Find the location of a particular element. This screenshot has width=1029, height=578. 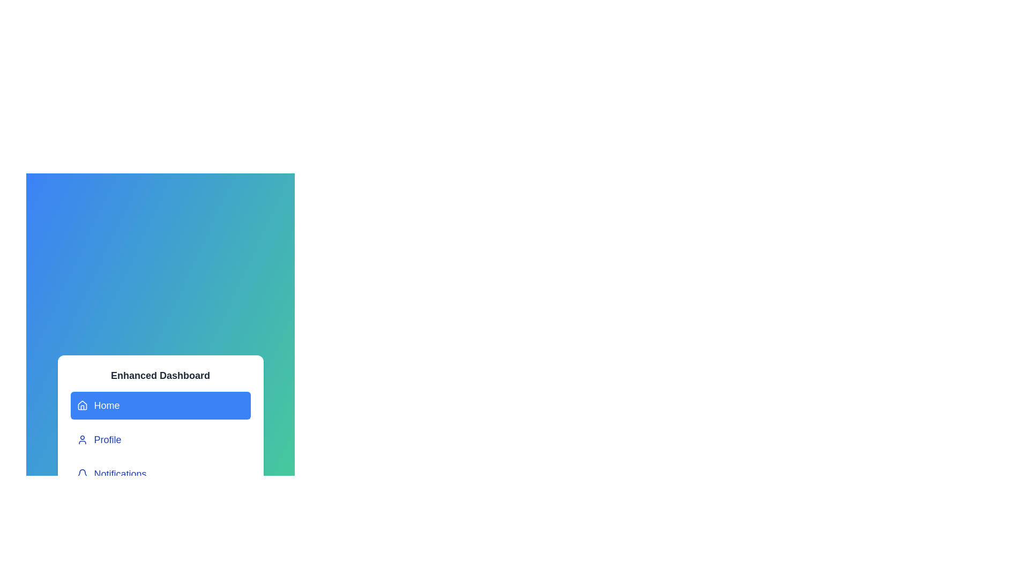

the text labeled Enhanced Dashboard to read its content is located at coordinates (160, 375).